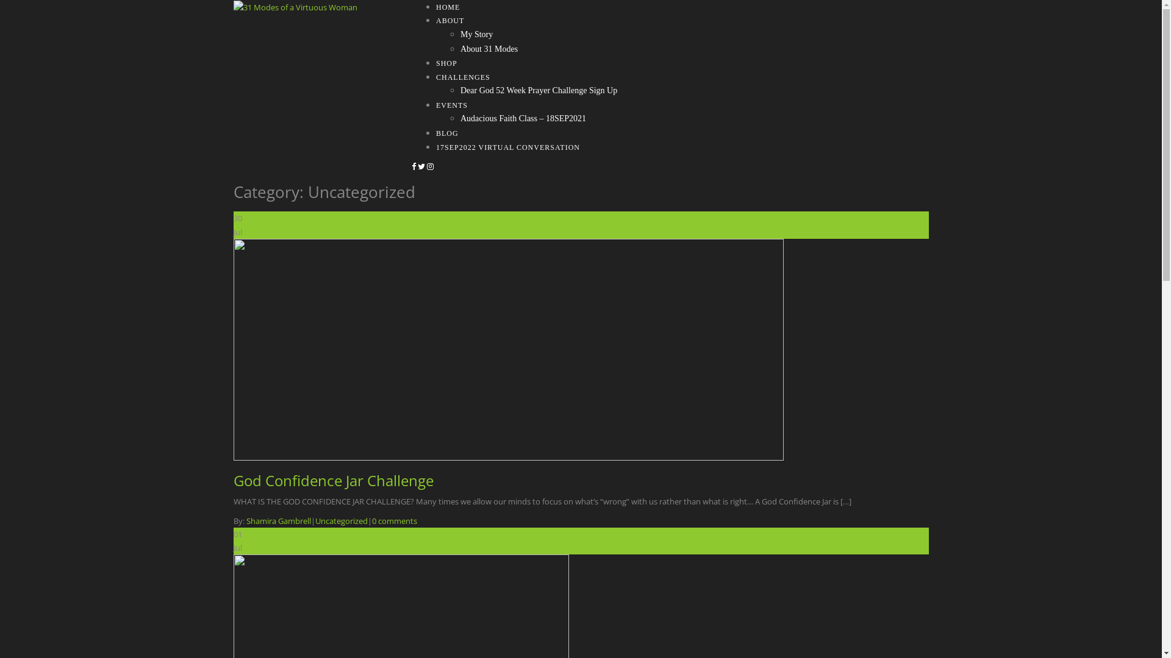  Describe the element at coordinates (436, 63) in the screenshot. I see `'SHOP'` at that location.